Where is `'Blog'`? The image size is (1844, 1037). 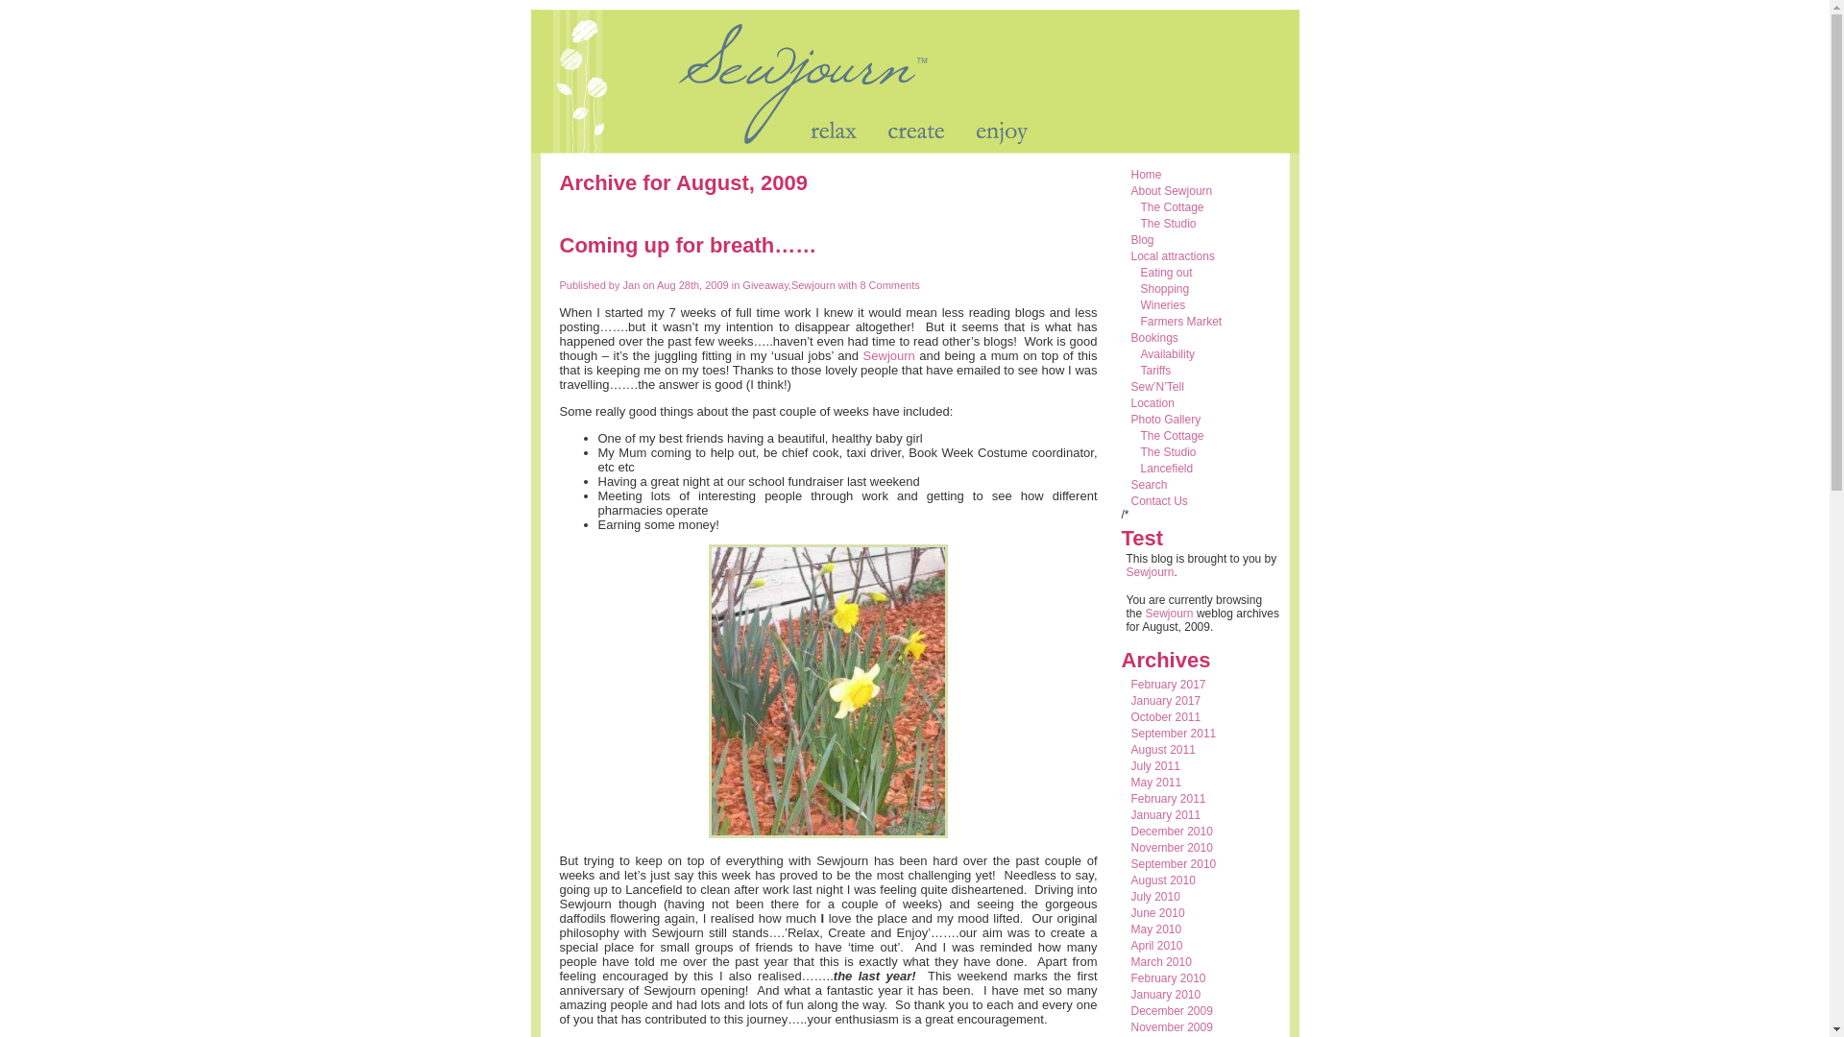
'Blog' is located at coordinates (1143, 239).